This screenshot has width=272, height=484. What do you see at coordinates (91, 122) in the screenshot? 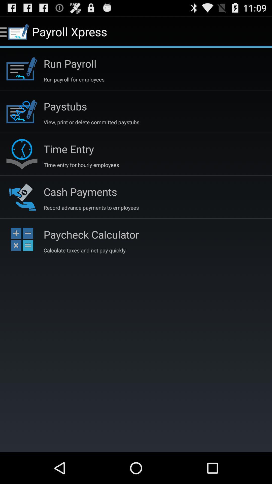
I see `the icon at the top` at bounding box center [91, 122].